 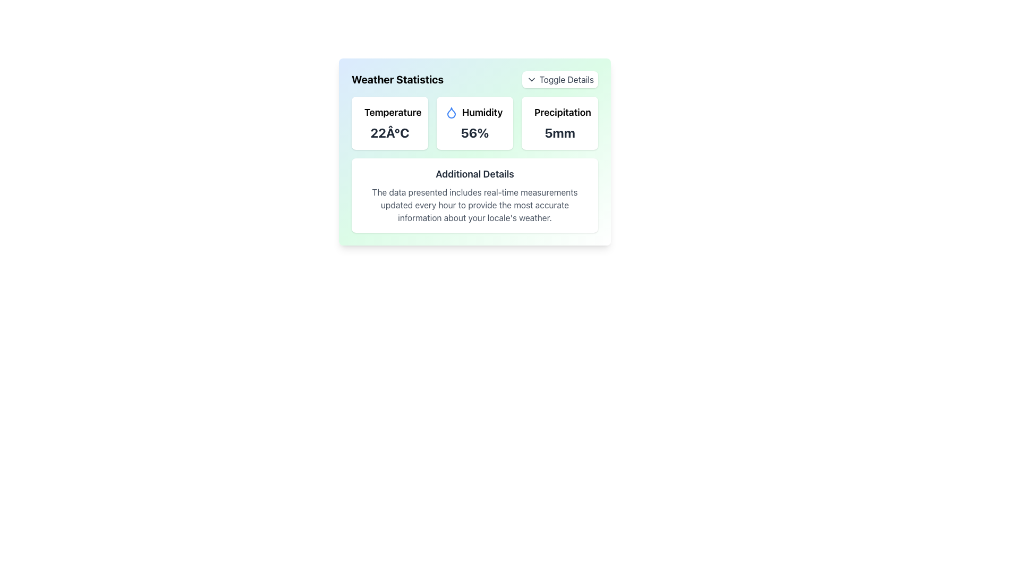 What do you see at coordinates (389, 132) in the screenshot?
I see `the Text element displaying the current temperature in degrees Celsius, located within the 'Temperature' card at the top-left corner of the weather statistics section` at bounding box center [389, 132].